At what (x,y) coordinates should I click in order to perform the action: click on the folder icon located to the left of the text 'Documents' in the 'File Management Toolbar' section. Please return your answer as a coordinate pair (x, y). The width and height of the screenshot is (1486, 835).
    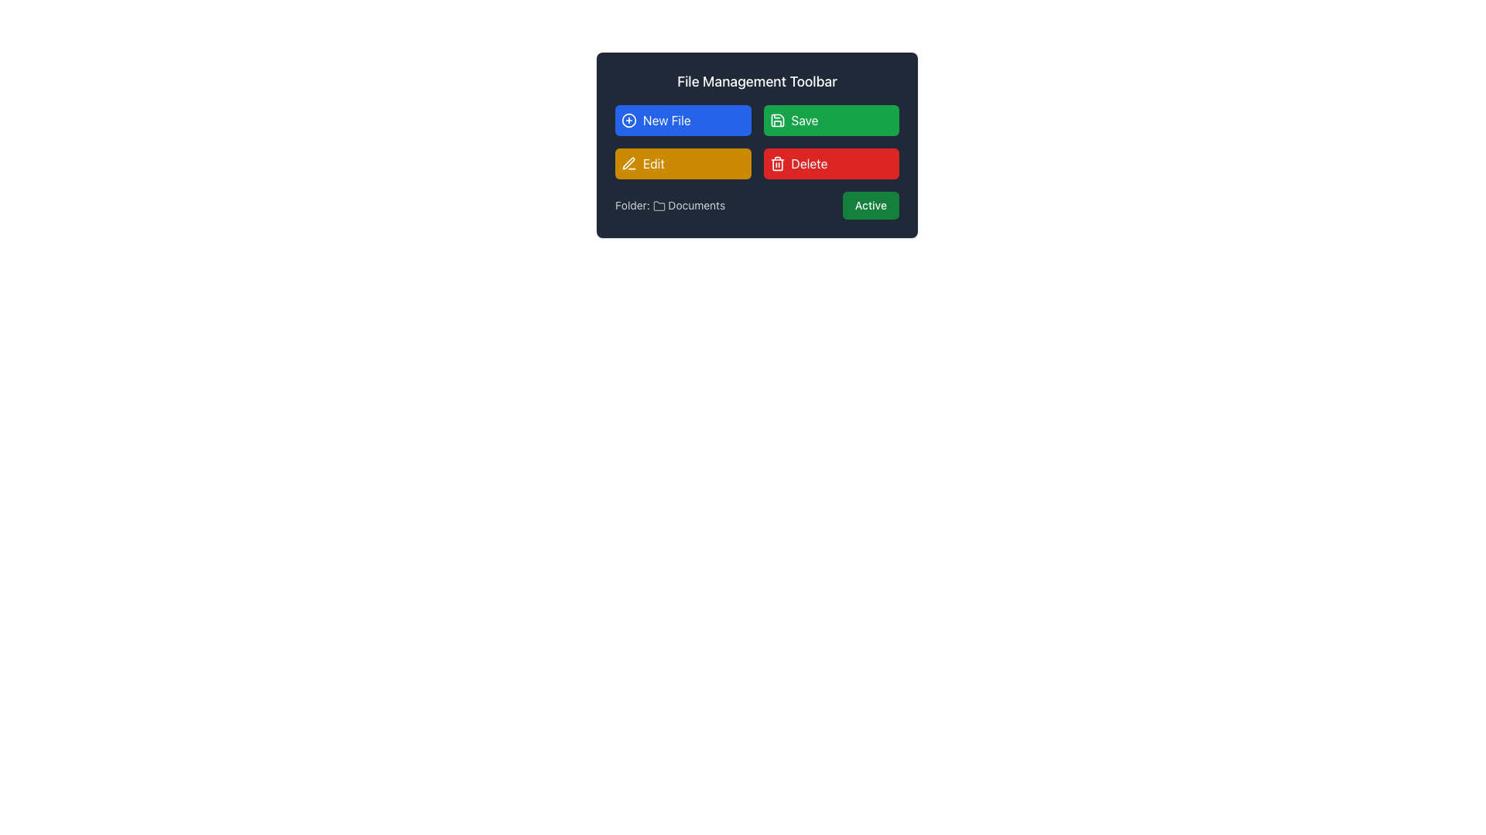
    Looking at the image, I should click on (659, 205).